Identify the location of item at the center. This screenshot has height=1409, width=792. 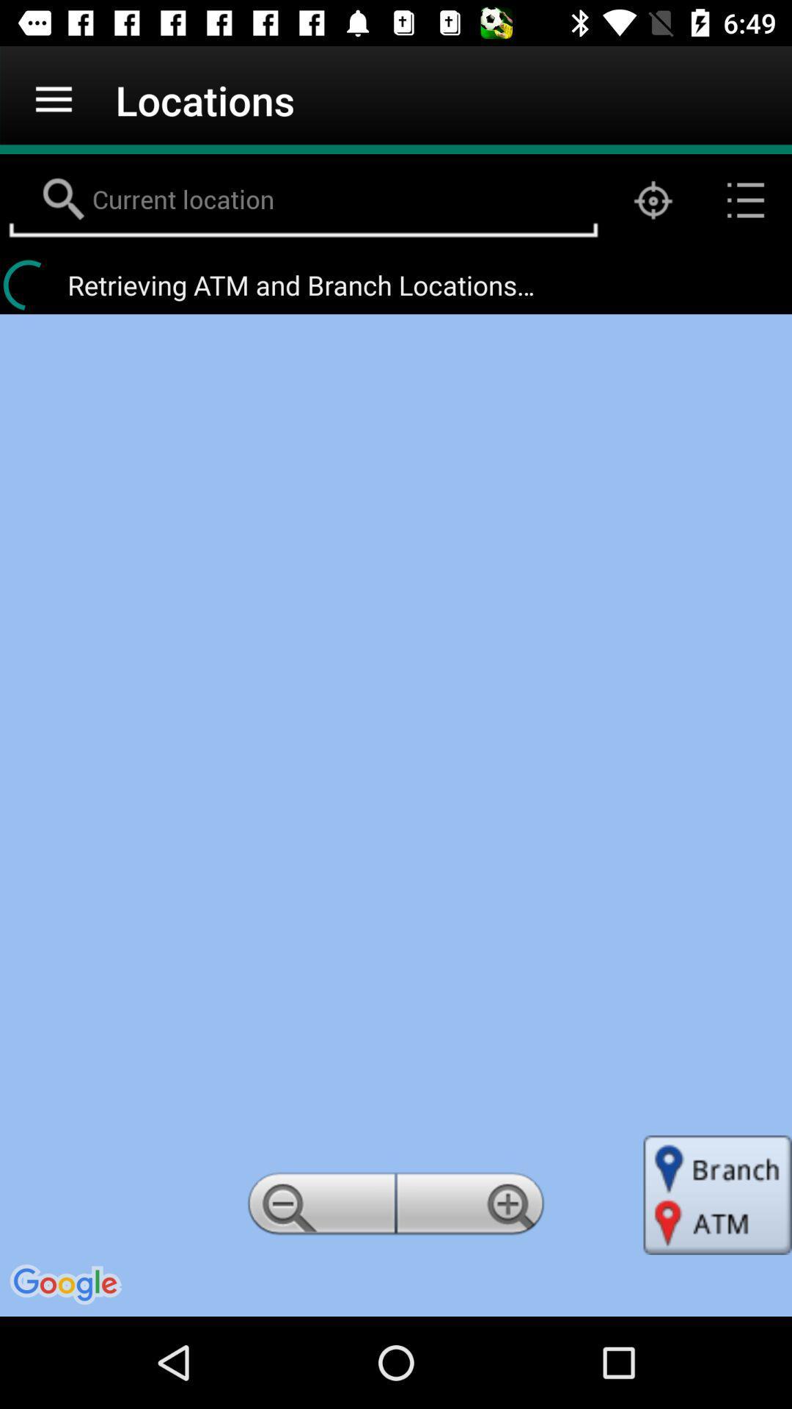
(396, 815).